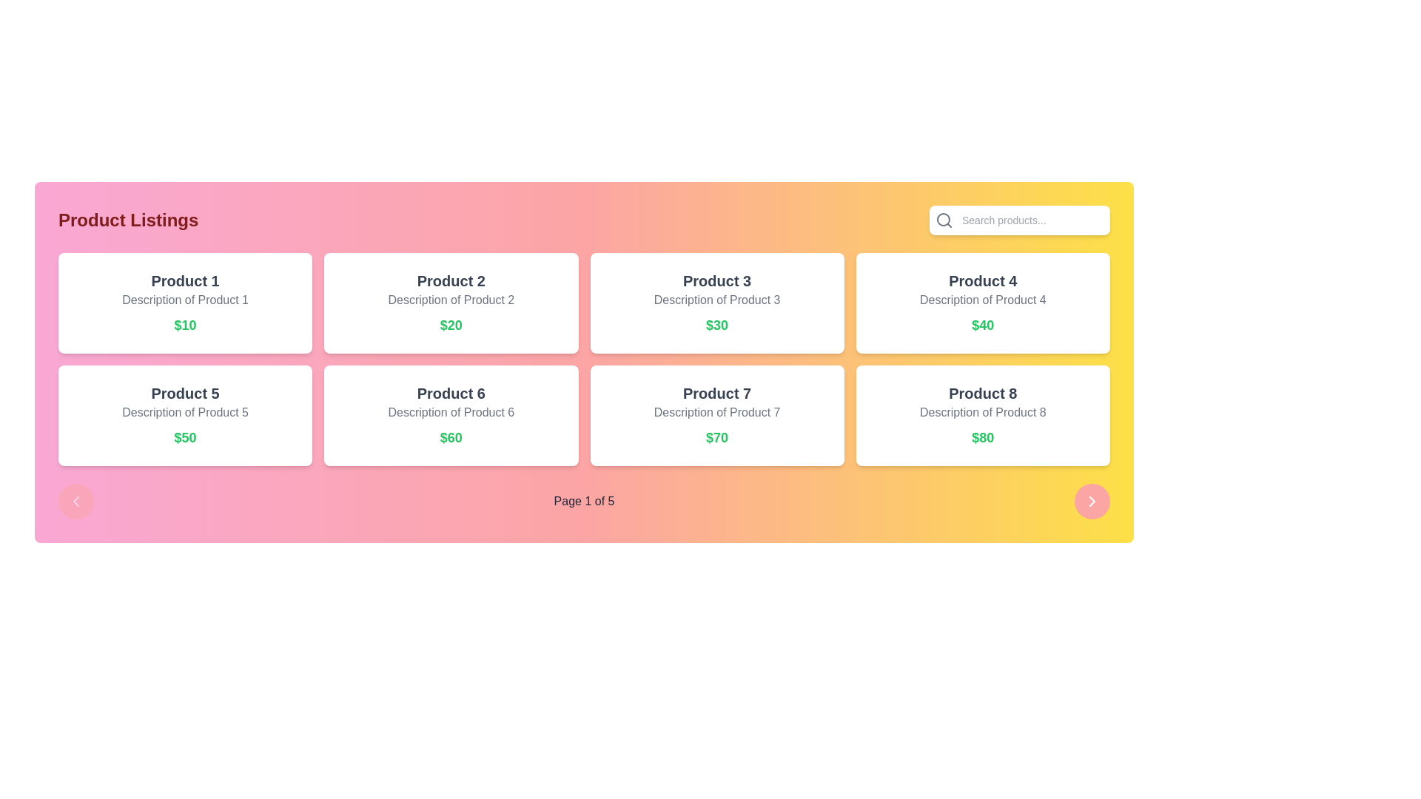  Describe the element at coordinates (983, 302) in the screenshot. I see `the white card labeled 'Product 4' which has rounded corners and contains the title 'Product 4', a description, and a price at the bottom` at that location.